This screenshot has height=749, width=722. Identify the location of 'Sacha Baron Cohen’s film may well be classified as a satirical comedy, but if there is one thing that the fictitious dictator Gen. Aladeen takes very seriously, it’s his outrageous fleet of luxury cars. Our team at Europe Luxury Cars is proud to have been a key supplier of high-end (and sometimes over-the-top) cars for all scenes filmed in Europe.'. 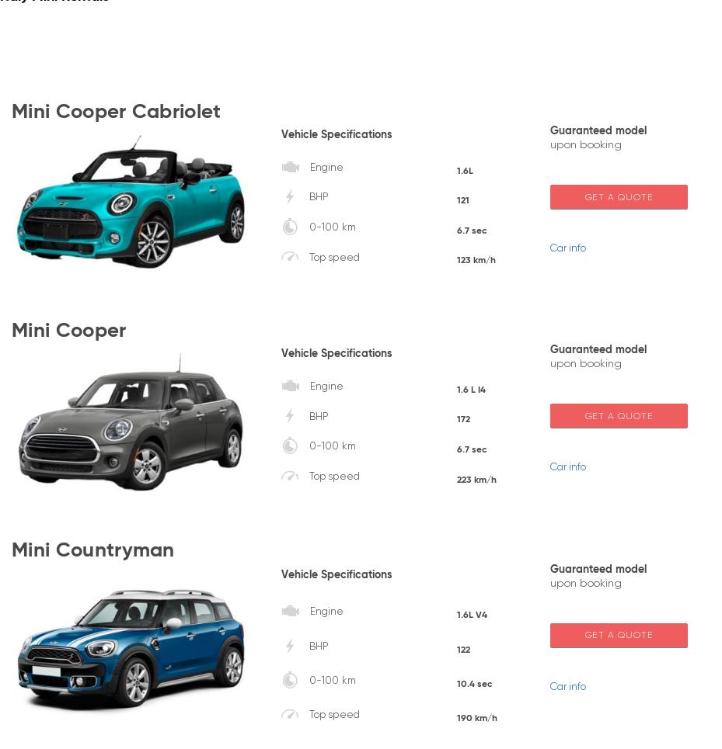
(347, 80).